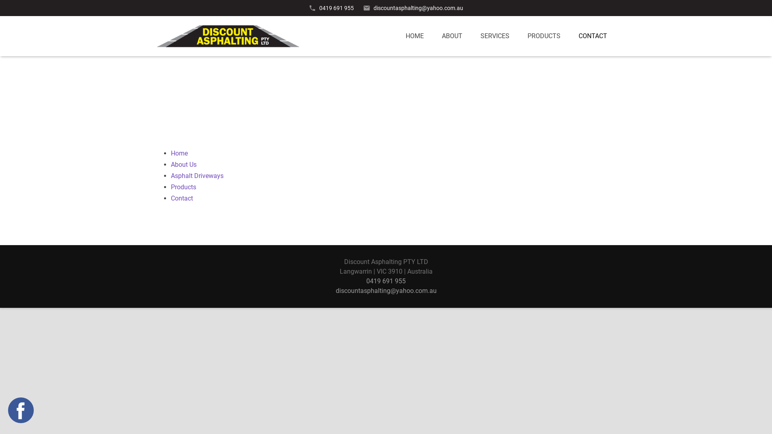 The height and width of the screenshot is (434, 772). Describe the element at coordinates (544, 35) in the screenshot. I see `'PRODUCTS'` at that location.